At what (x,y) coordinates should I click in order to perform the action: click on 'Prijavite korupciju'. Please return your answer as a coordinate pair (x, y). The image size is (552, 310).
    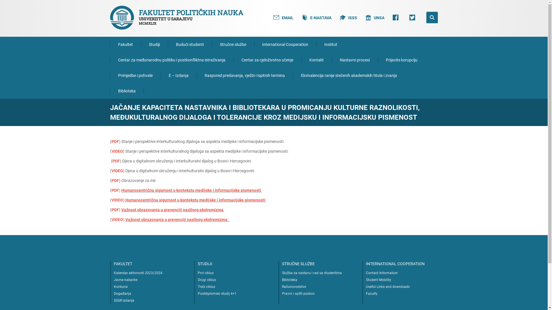
    Looking at the image, I should click on (401, 60).